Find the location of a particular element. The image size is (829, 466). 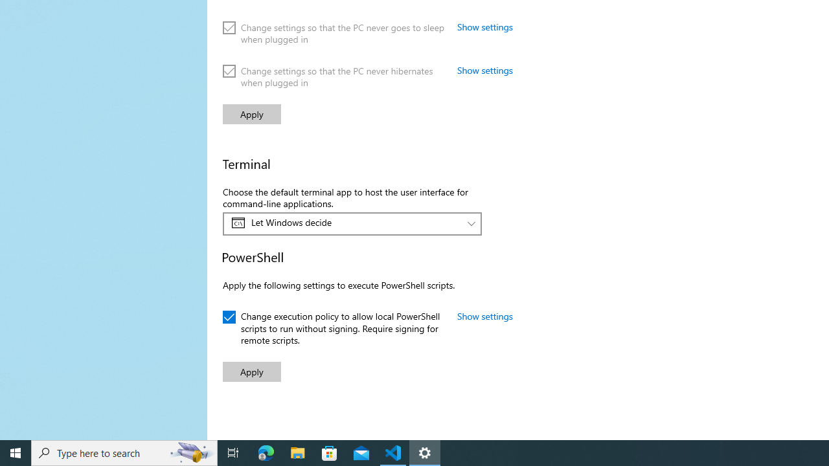

'Task View' is located at coordinates (233, 452).